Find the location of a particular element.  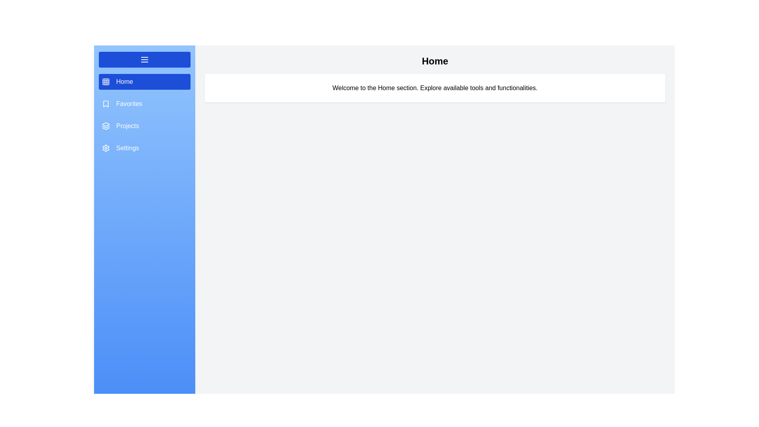

the section Projects from the menu is located at coordinates (144, 126).